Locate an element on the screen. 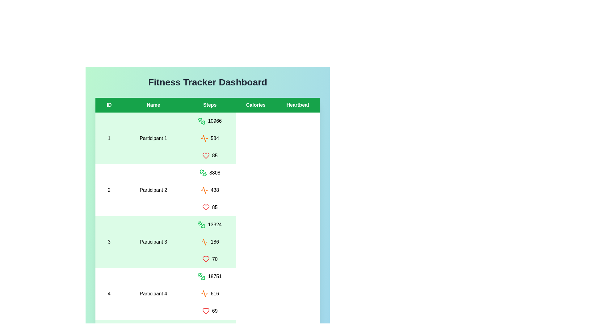 The image size is (593, 333). the row corresponding to participant 3 is located at coordinates (208, 242).